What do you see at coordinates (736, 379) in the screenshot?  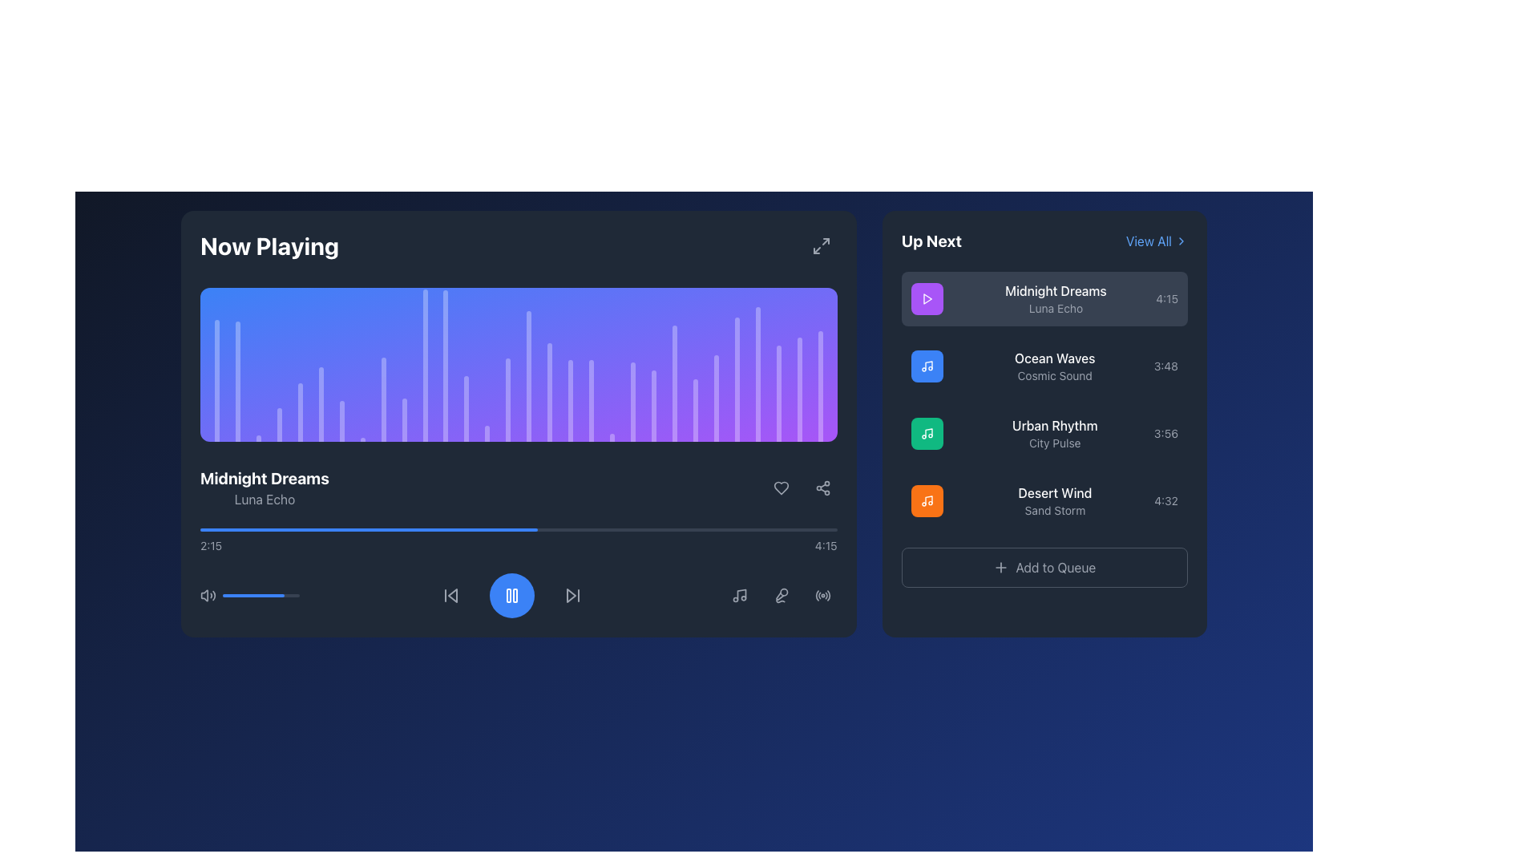 I see `the twenty-third vertical bar in the music visualization interface's bar graph, which is styled with a rounded top and semi-transparent white color overlay` at bounding box center [736, 379].